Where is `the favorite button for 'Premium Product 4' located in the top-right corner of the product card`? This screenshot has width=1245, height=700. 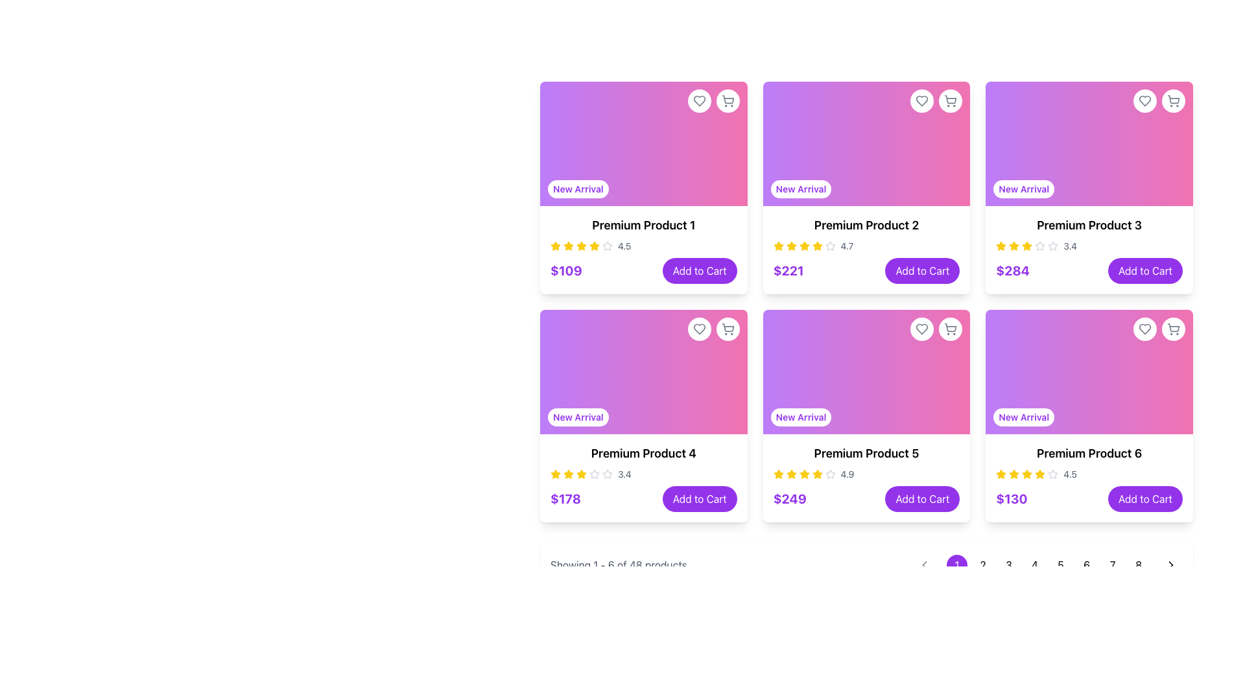 the favorite button for 'Premium Product 4' located in the top-right corner of the product card is located at coordinates (698, 329).